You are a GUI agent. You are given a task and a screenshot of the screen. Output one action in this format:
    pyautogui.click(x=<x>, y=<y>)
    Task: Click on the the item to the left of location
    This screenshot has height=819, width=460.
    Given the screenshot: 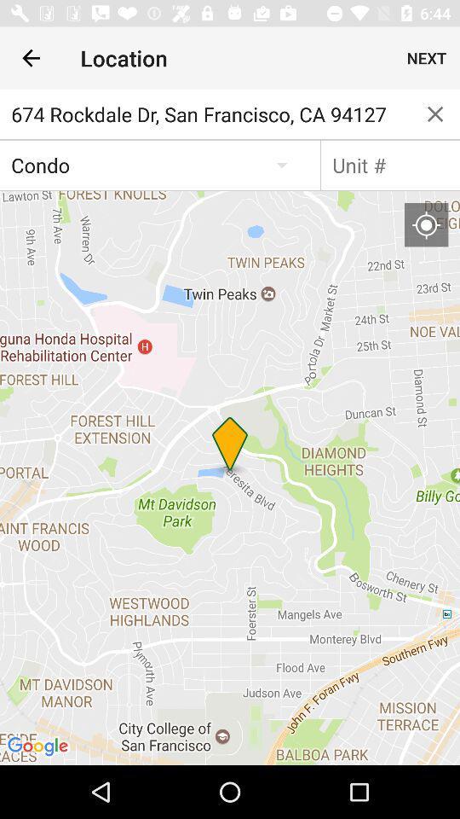 What is the action you would take?
    pyautogui.click(x=31, y=58)
    